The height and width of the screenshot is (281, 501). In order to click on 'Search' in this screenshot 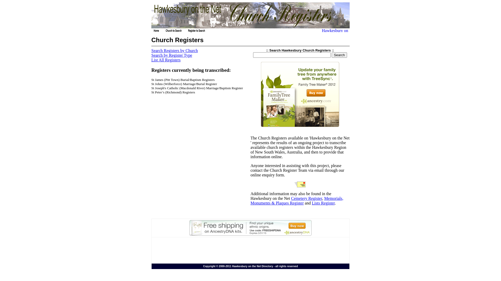, I will do `click(339, 55)`.